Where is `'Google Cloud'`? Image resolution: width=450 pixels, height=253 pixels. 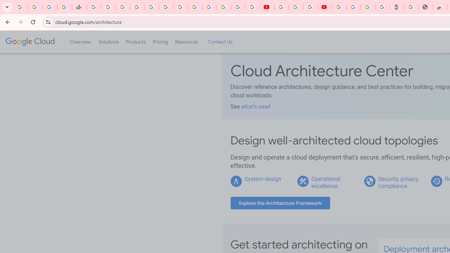 'Google Cloud' is located at coordinates (30, 42).